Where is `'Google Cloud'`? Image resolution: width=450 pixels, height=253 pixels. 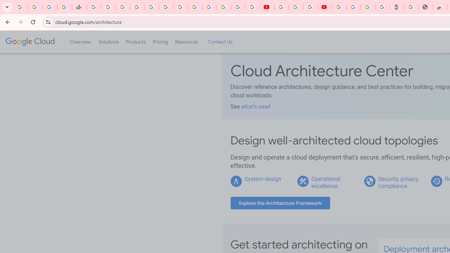 'Google Cloud' is located at coordinates (30, 42).